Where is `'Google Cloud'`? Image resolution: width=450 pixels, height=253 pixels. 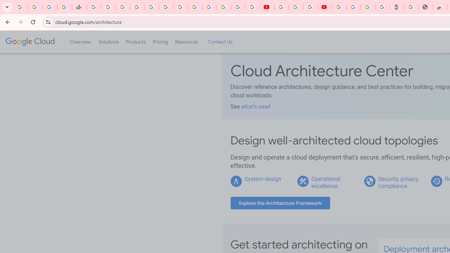 'Google Cloud' is located at coordinates (30, 42).